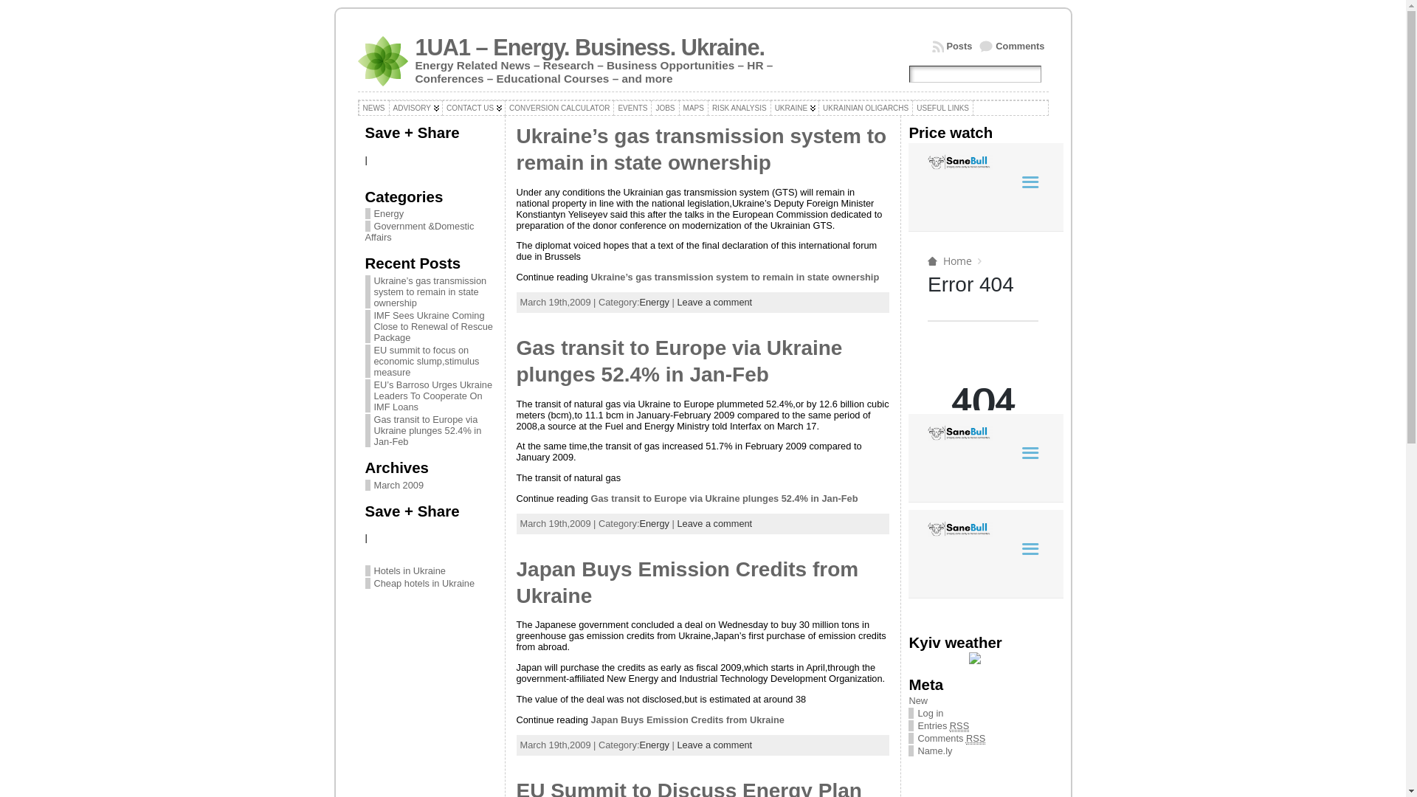  What do you see at coordinates (942, 107) in the screenshot?
I see `'USEFUL LINKS'` at bounding box center [942, 107].